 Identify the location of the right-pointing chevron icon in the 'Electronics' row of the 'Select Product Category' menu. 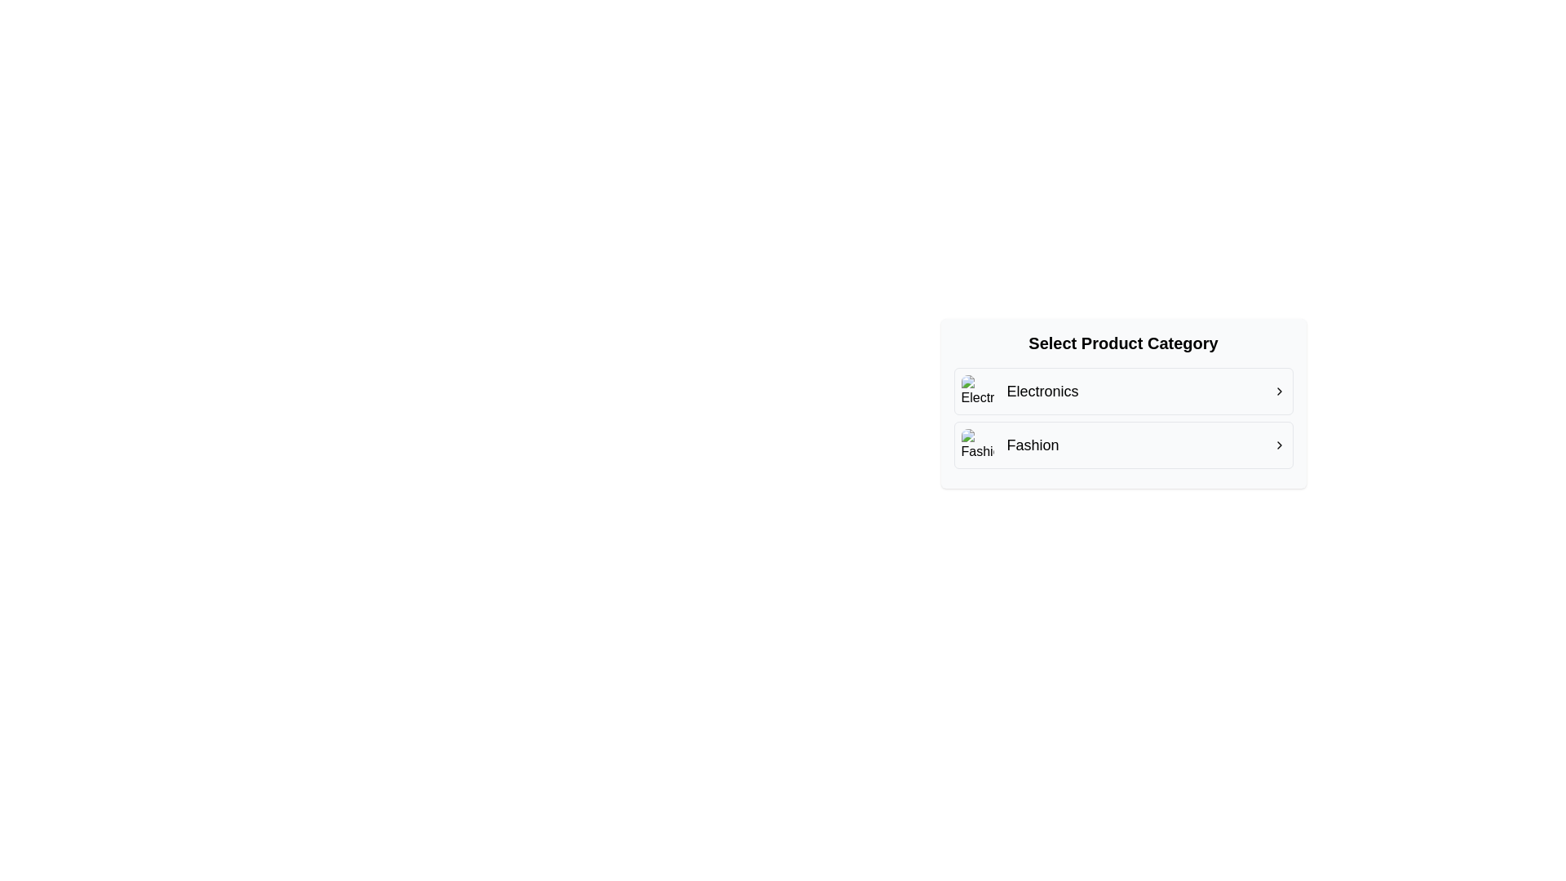
(1278, 391).